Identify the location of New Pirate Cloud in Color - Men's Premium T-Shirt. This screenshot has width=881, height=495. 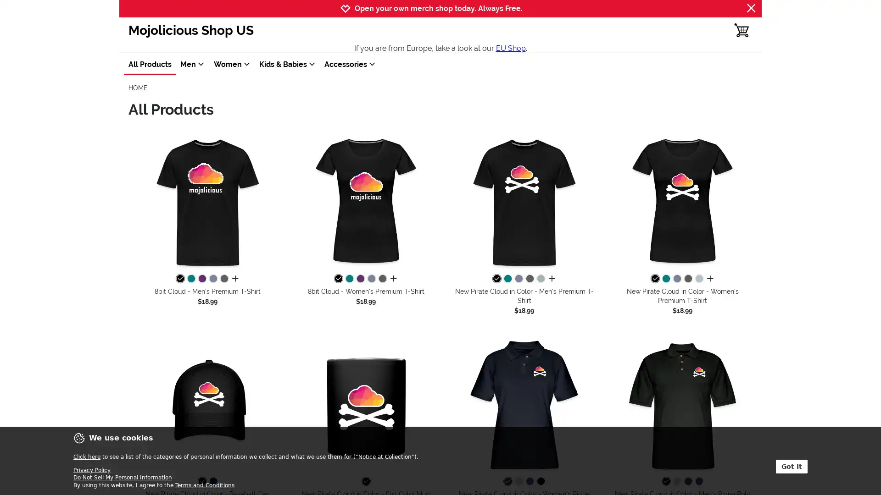
(524, 201).